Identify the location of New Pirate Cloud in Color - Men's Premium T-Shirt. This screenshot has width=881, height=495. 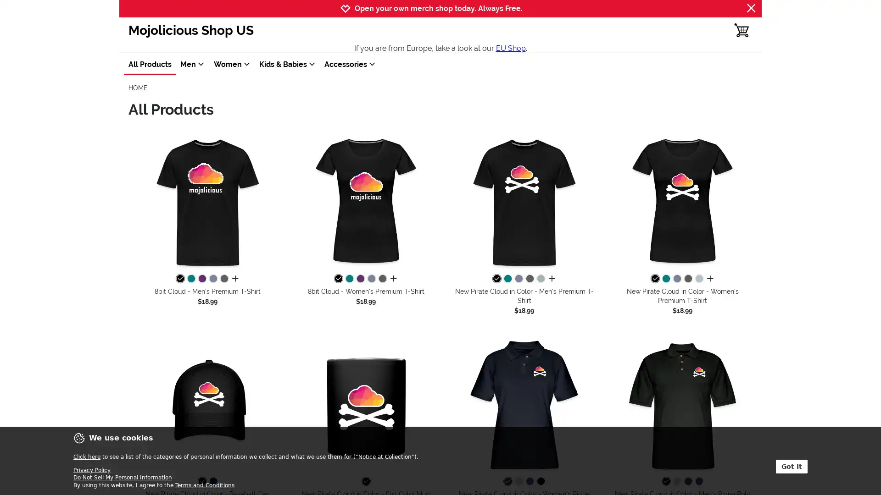
(524, 201).